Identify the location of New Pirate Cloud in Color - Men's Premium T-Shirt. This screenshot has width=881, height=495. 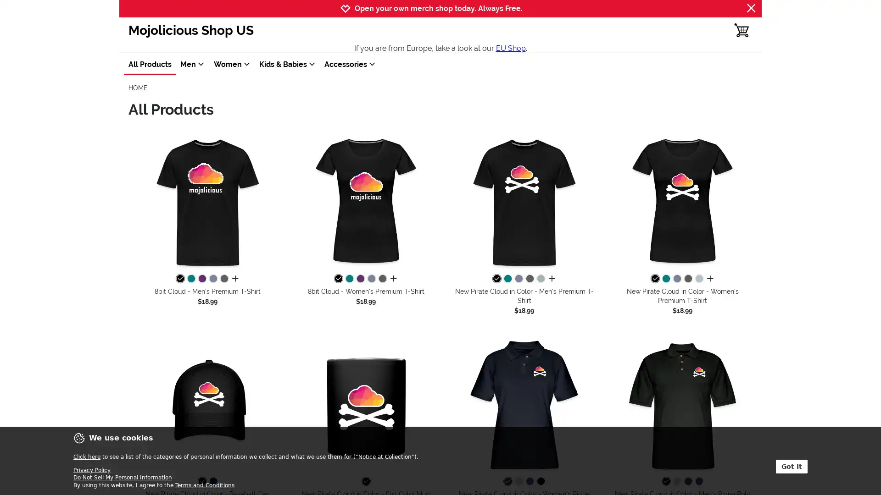
(524, 201).